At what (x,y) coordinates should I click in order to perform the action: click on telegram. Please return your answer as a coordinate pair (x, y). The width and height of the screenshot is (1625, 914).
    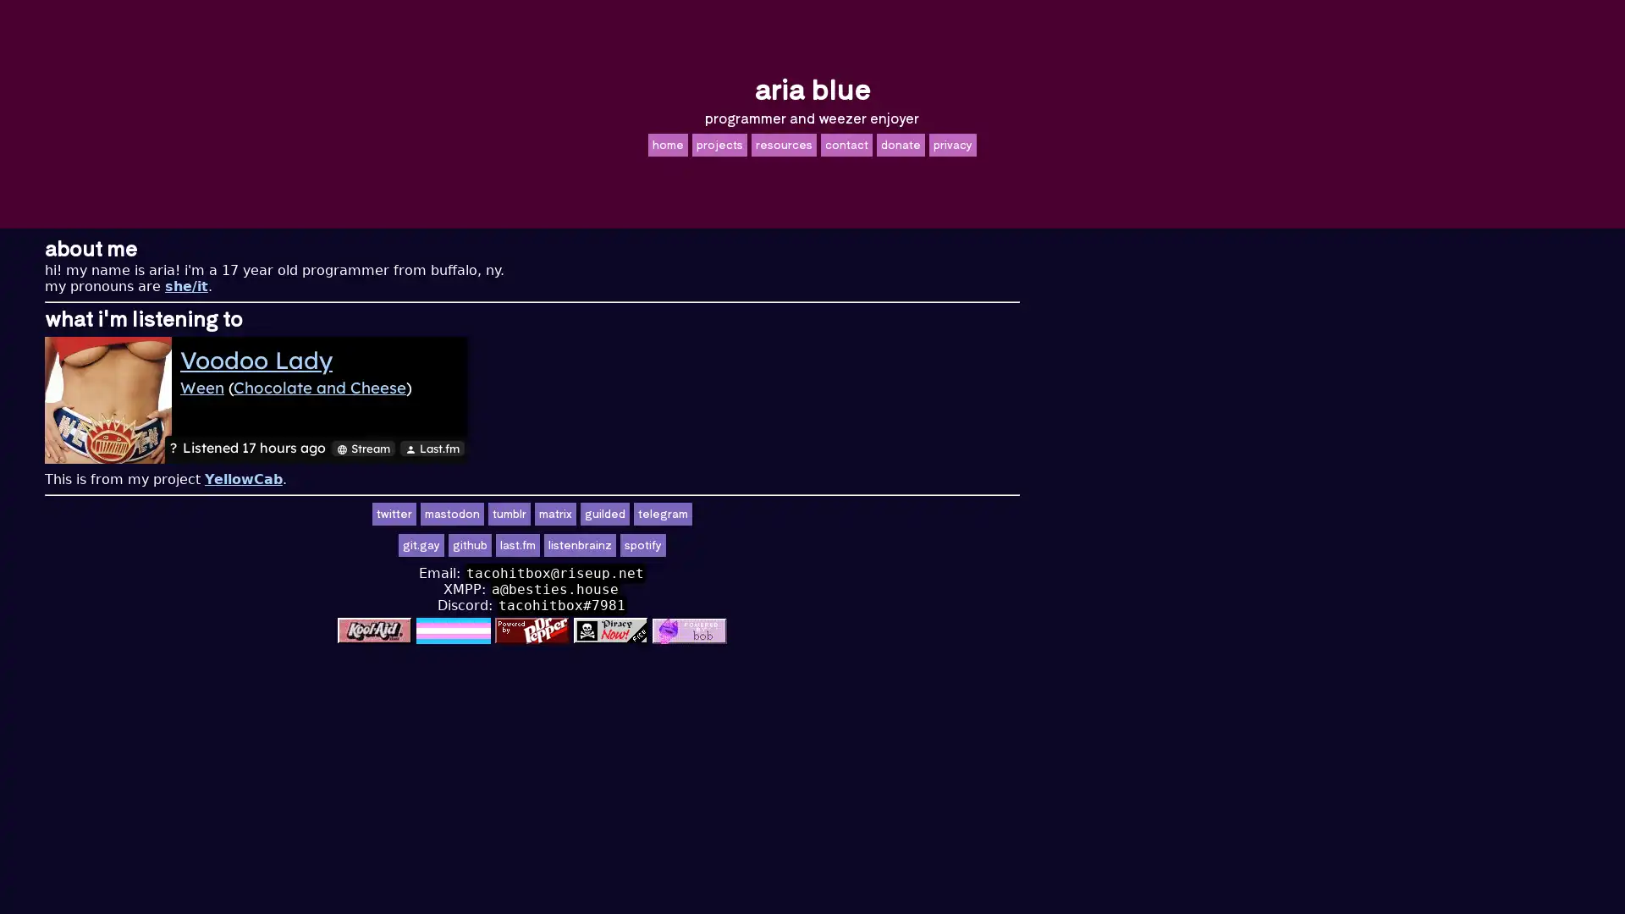
    Looking at the image, I should click on (942, 513).